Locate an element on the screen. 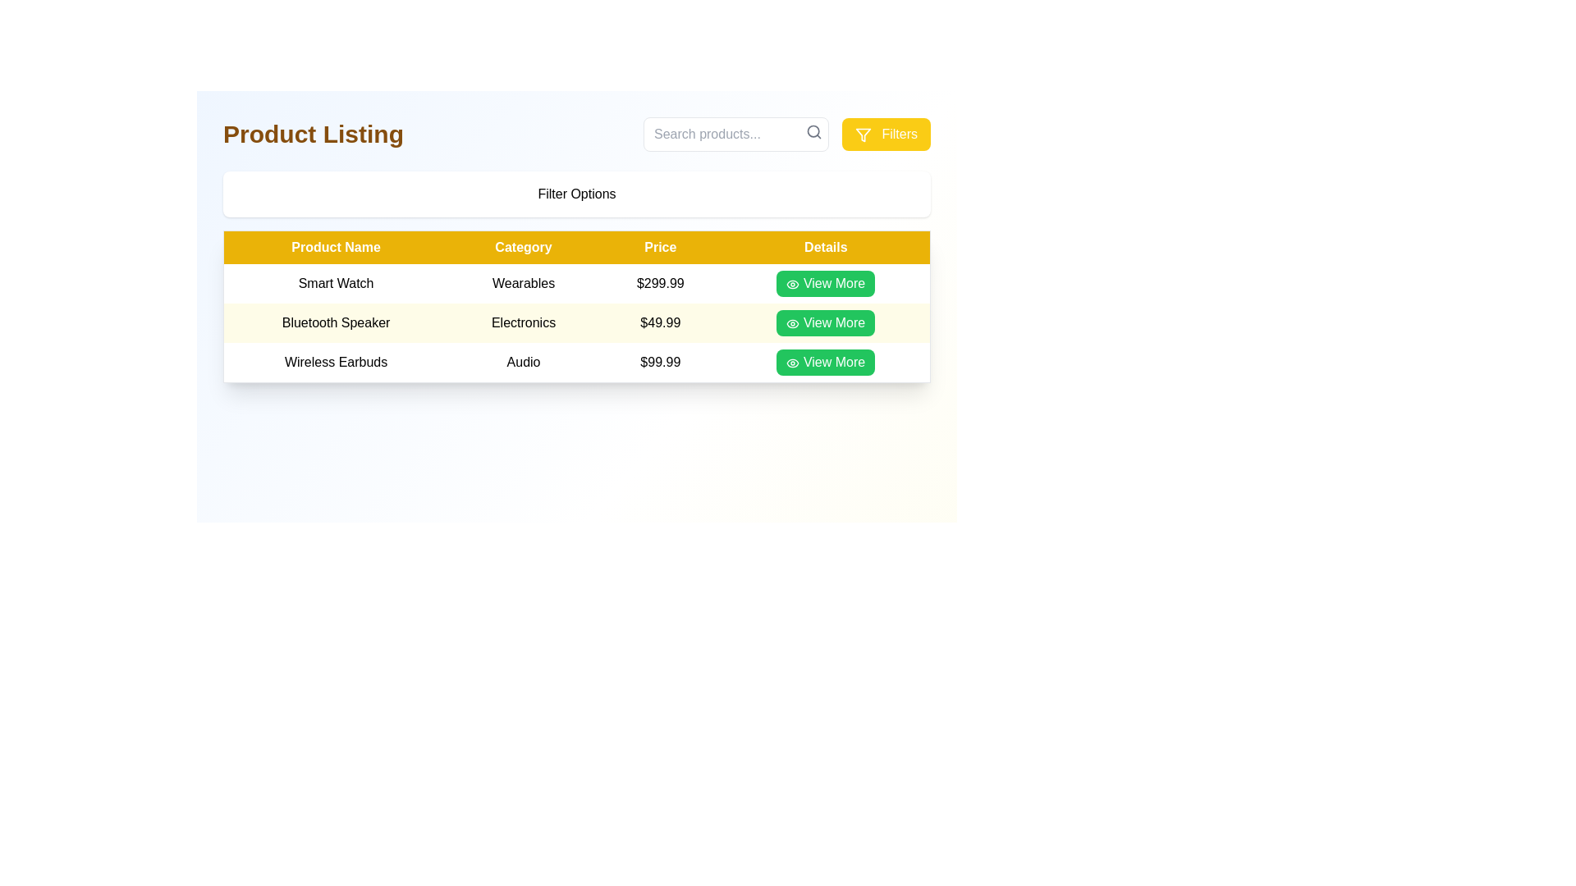  the search input field in the search bar component to focus and type in queries is located at coordinates (735, 134).